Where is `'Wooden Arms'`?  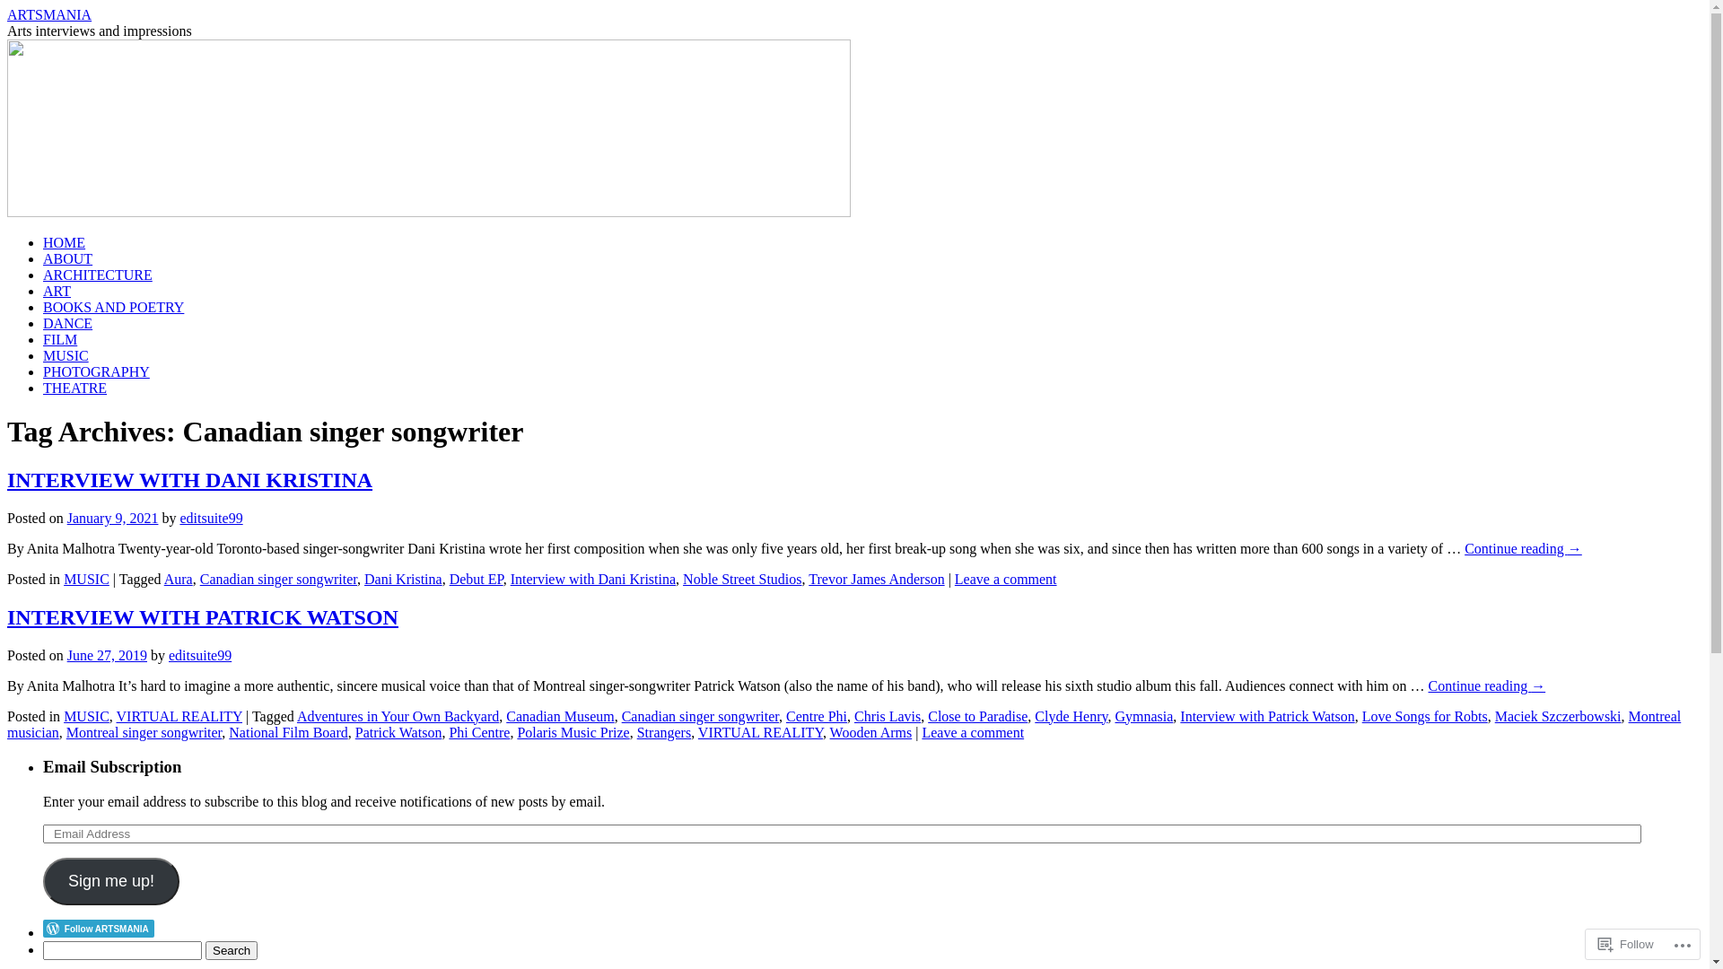
'Wooden Arms' is located at coordinates (870, 732).